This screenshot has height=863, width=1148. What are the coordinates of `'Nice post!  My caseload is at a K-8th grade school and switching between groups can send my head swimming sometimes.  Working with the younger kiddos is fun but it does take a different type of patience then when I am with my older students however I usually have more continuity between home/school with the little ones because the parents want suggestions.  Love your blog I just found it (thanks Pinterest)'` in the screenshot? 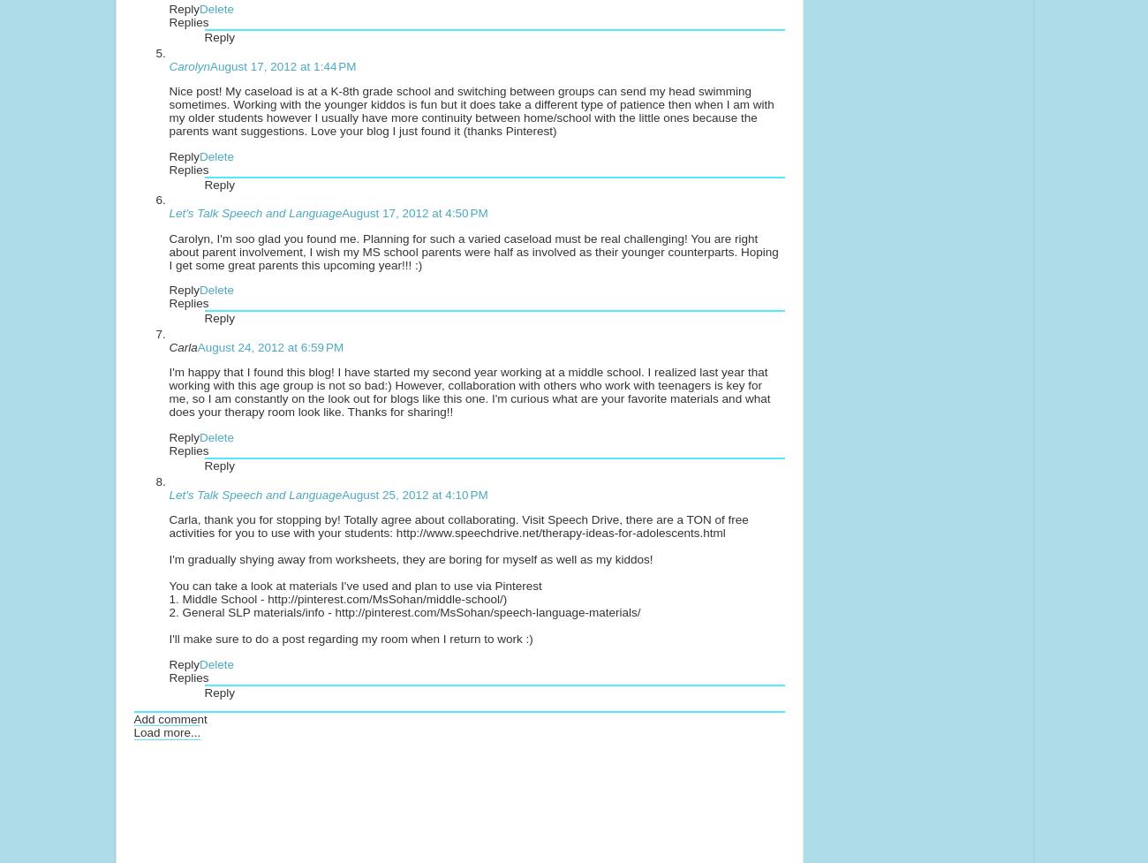 It's located at (471, 111).